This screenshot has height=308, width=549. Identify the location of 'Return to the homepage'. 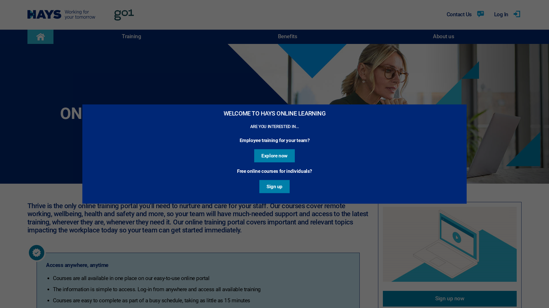
(40, 37).